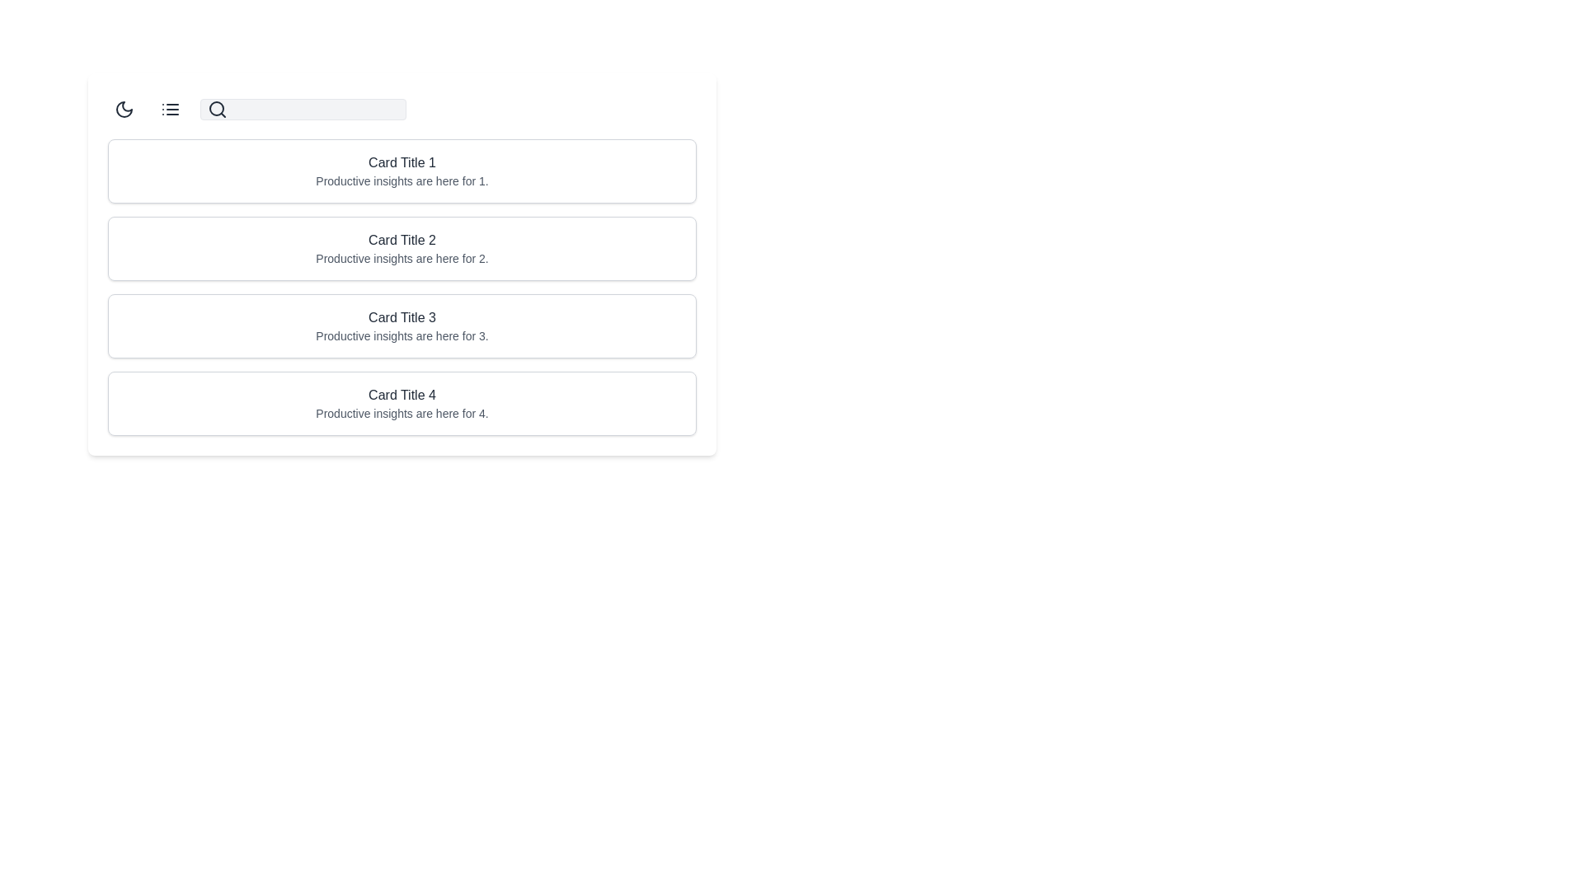 The image size is (1583, 890). What do you see at coordinates (170, 109) in the screenshot?
I see `the menu button located in the upper left section of the interface, positioned between the moon icon and the search bar` at bounding box center [170, 109].